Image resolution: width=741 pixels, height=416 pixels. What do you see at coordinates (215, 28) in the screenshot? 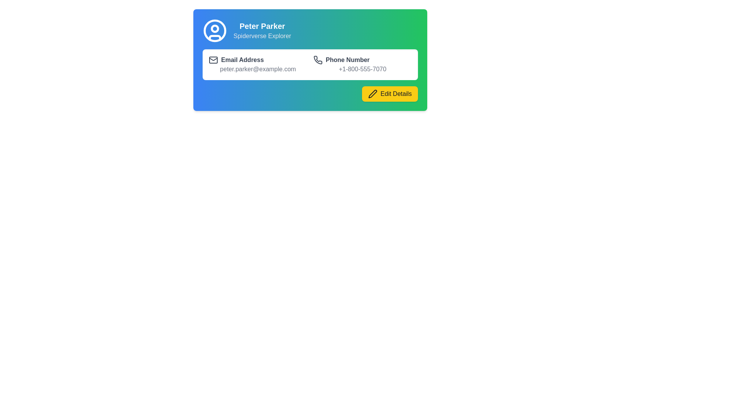
I see `the Decorative graphic circle that represents part of the user's avatar, positioned at the top of the circular icon` at bounding box center [215, 28].